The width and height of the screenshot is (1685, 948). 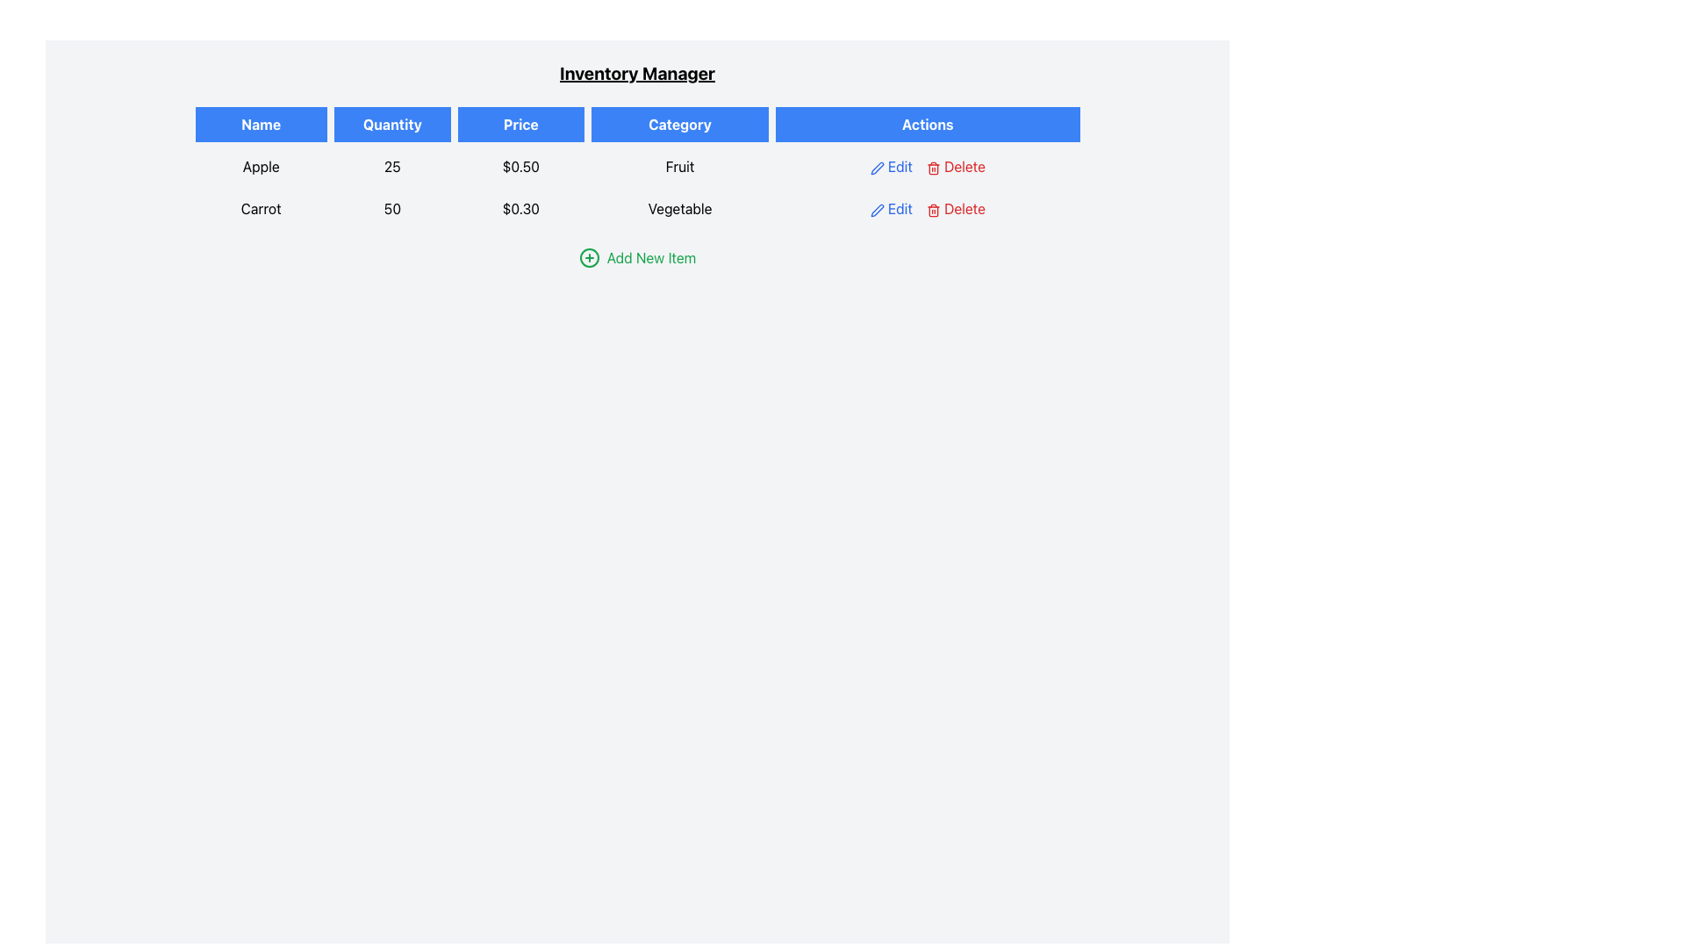 I want to click on the text label displaying the word 'Apple' which is located in the first row under the 'Name' column of the table, so click(x=260, y=166).